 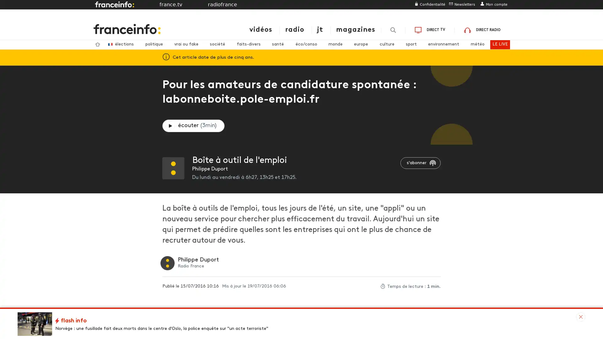 I want to click on Configurer vos consentements, so click(x=330, y=258).